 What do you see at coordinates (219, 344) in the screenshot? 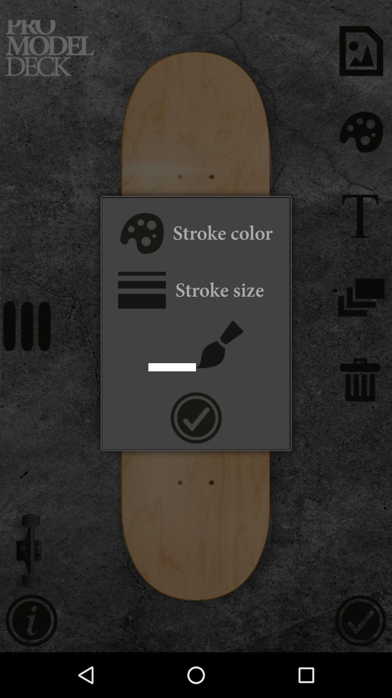
I see `brush` at bounding box center [219, 344].